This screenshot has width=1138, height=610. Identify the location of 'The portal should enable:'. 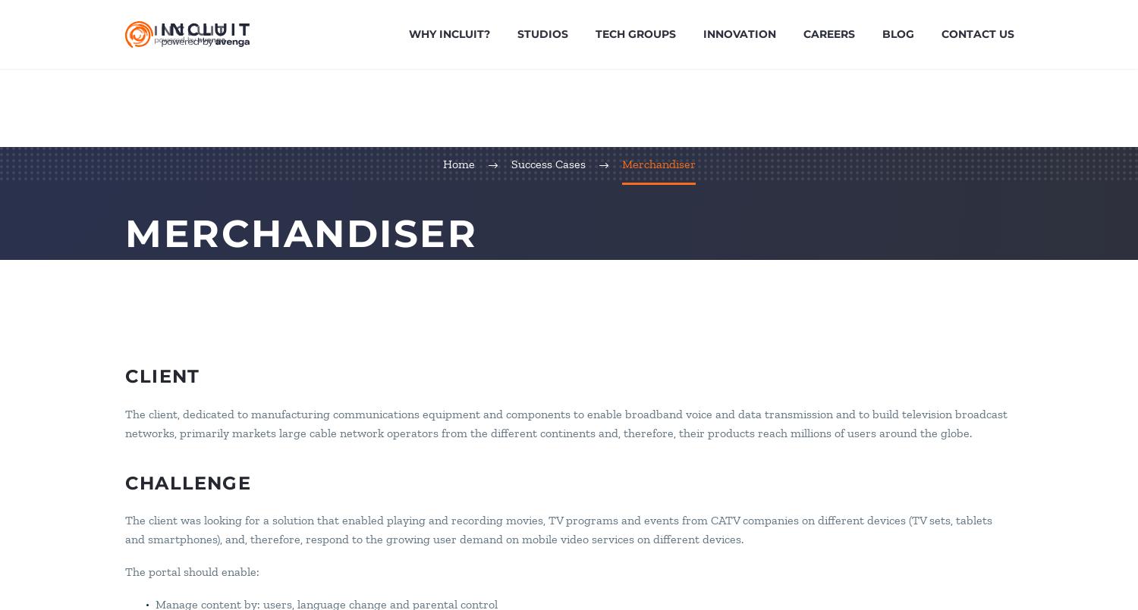
(192, 570).